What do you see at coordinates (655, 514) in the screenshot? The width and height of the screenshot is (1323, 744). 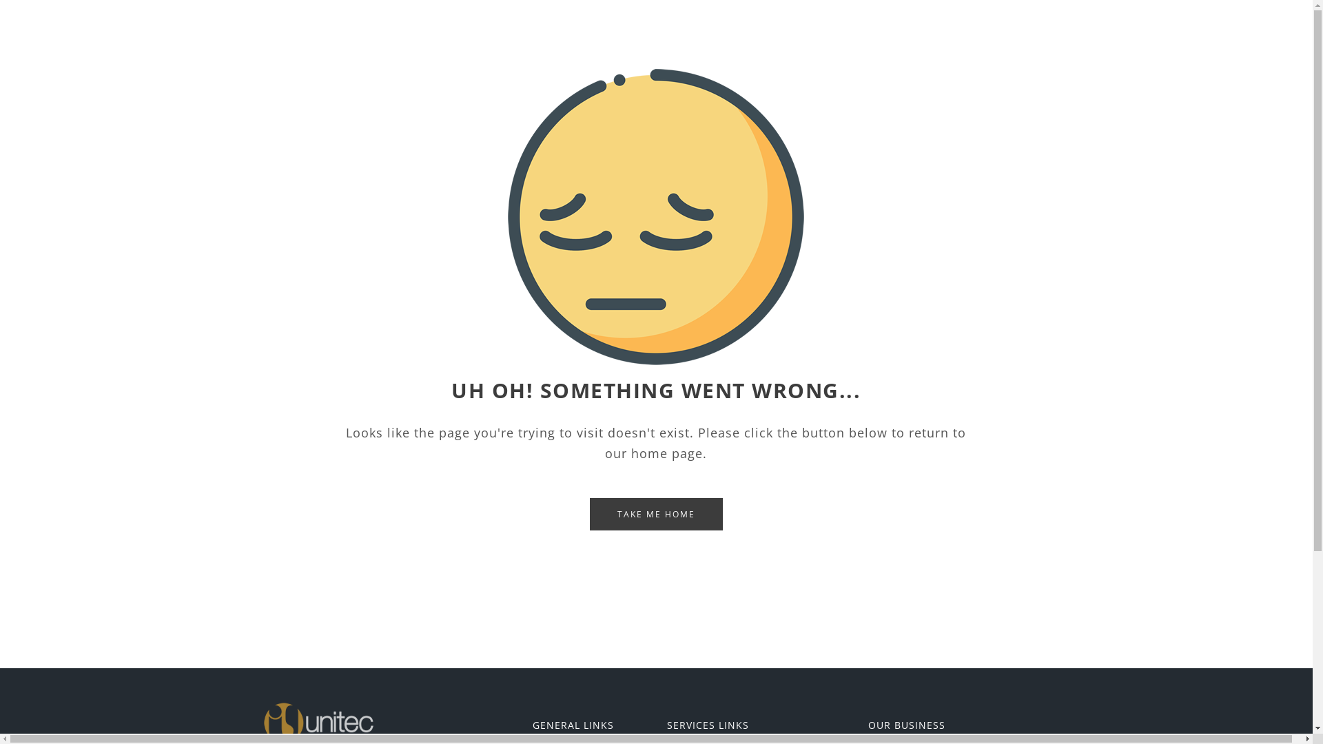 I see `'TAKE ME HOME'` at bounding box center [655, 514].